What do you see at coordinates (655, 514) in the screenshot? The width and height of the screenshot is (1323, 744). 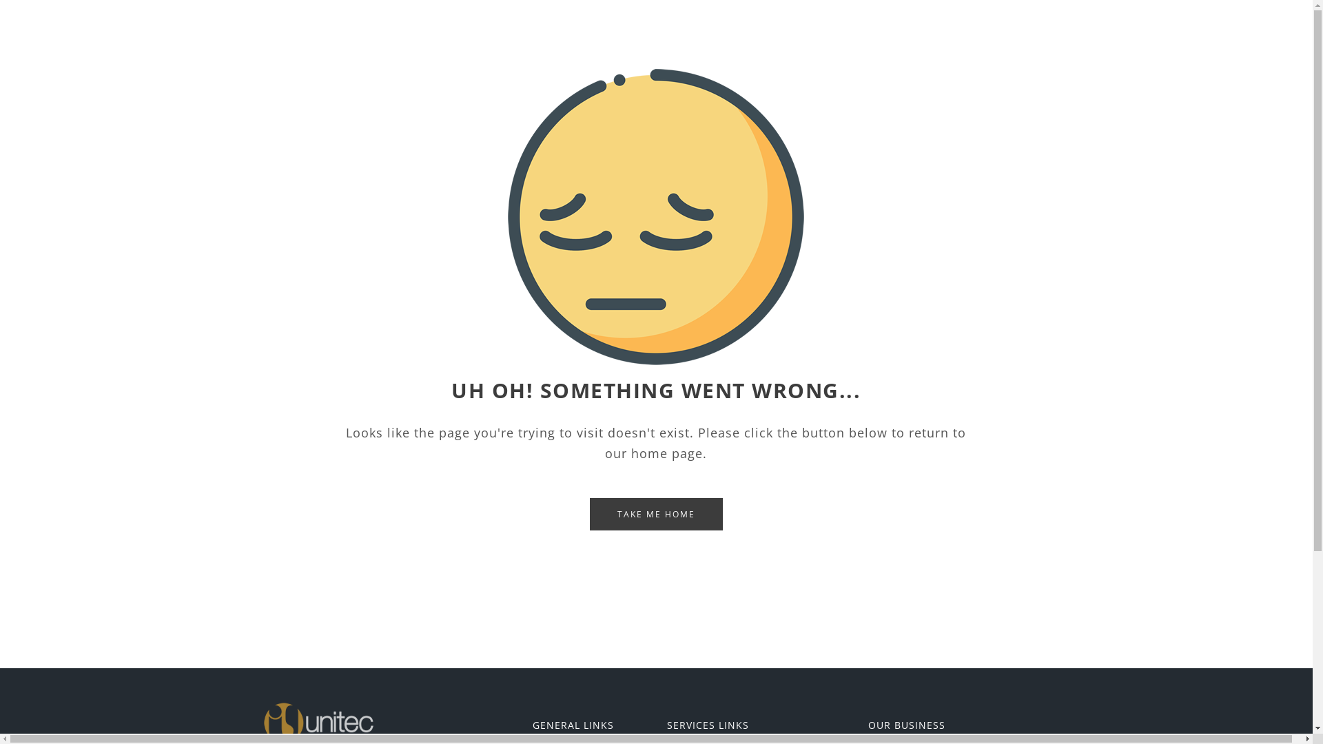 I see `'TAKE ME HOME'` at bounding box center [655, 514].